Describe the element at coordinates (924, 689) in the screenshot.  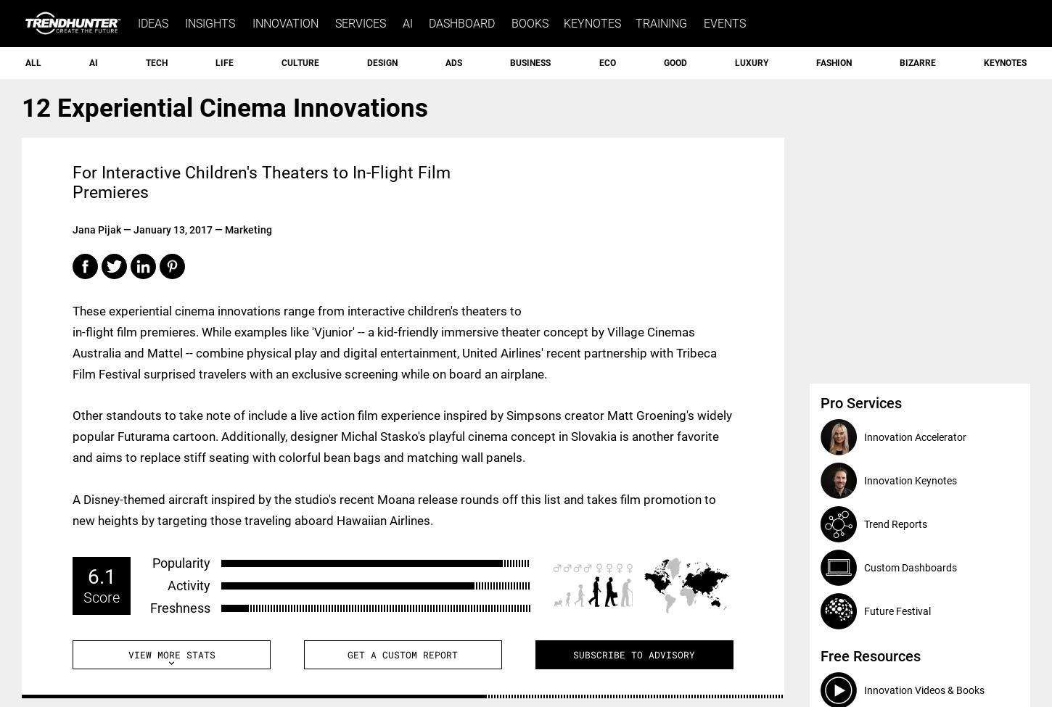
I see `'Innovation Videos & Books'` at that location.